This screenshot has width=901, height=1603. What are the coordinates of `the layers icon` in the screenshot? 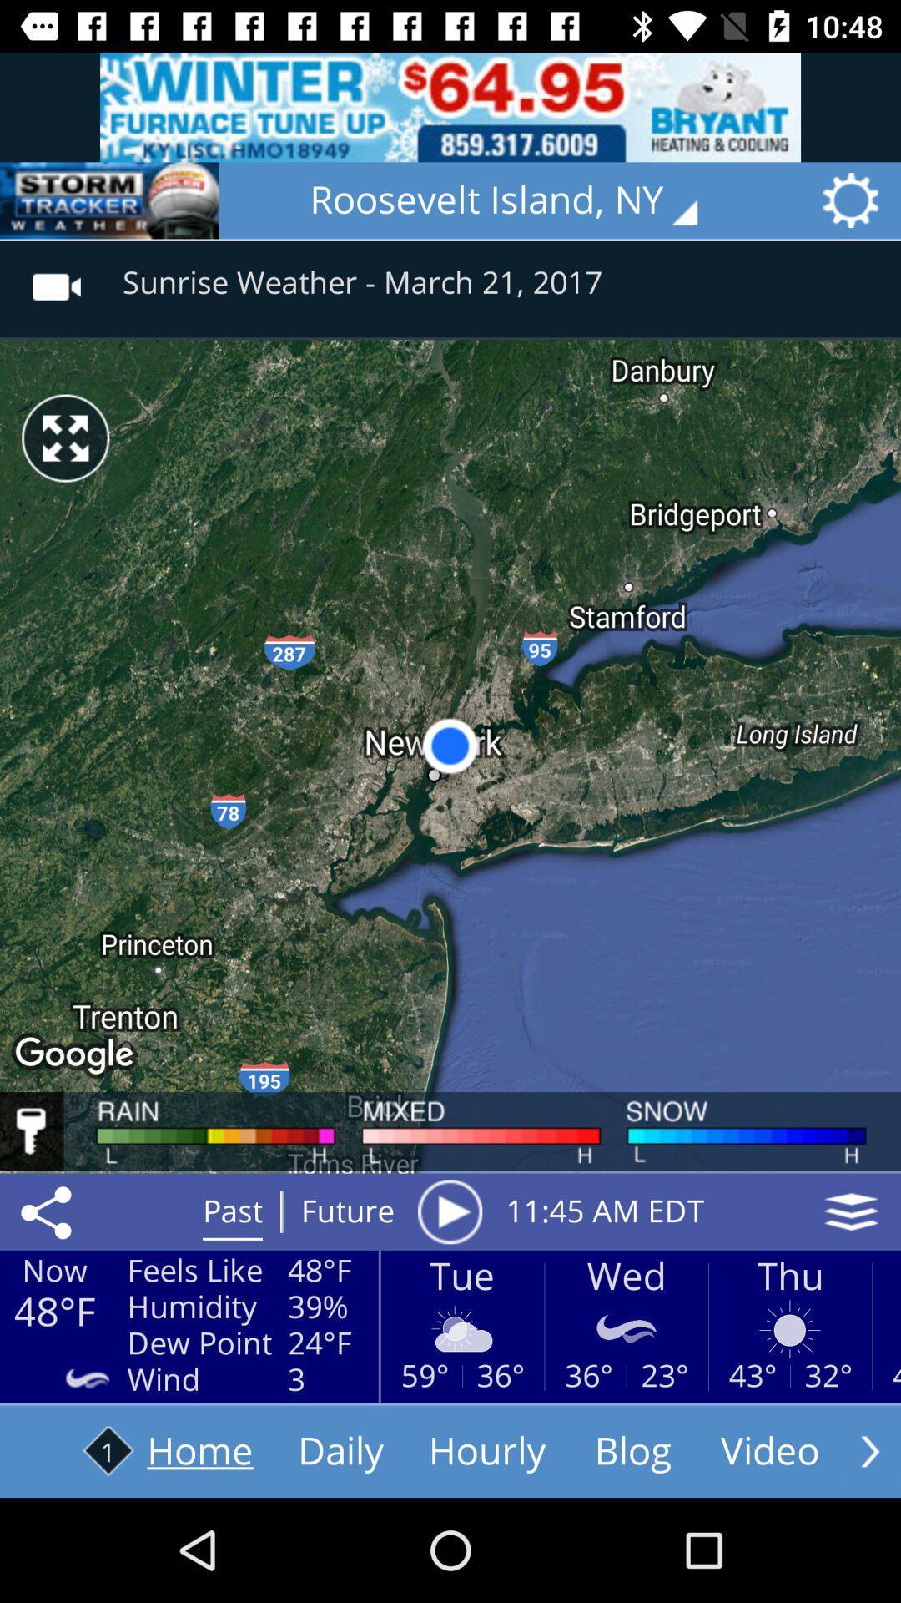 It's located at (851, 1211).